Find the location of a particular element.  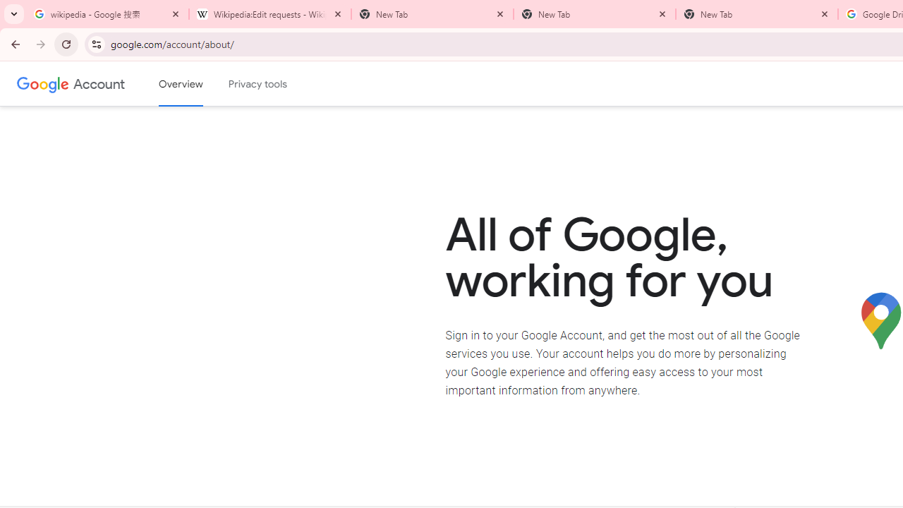

'Google logo' is located at coordinates (43, 83).